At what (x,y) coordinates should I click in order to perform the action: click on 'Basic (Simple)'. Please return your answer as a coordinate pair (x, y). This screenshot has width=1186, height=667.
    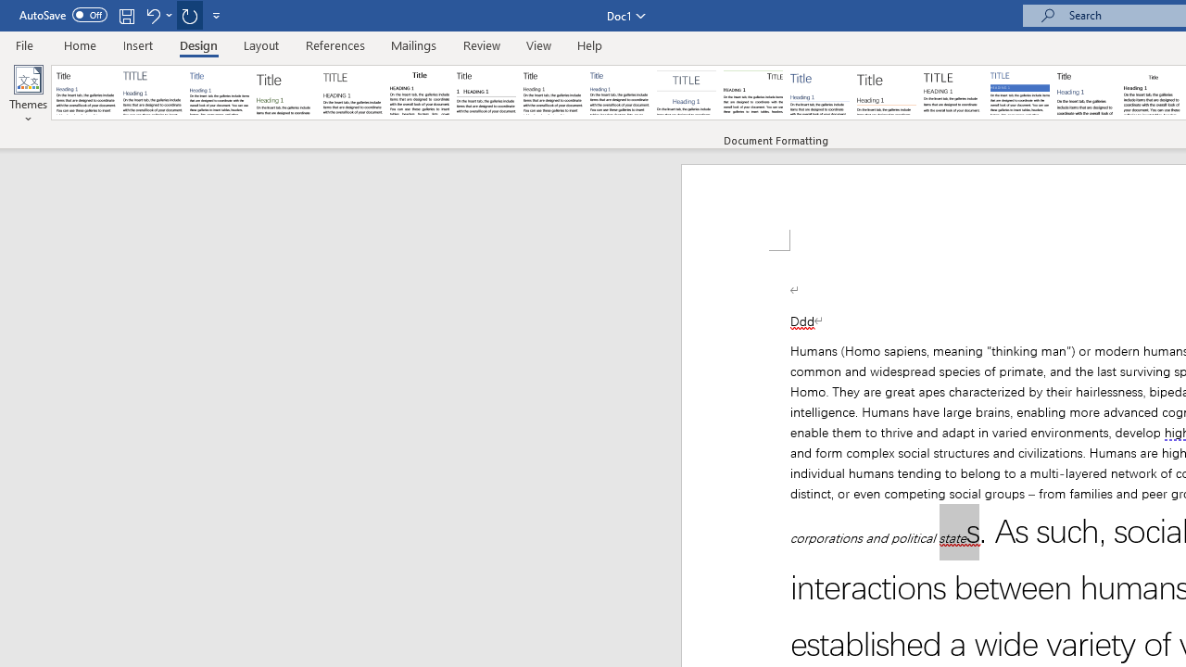
    Looking at the image, I should click on (219, 93).